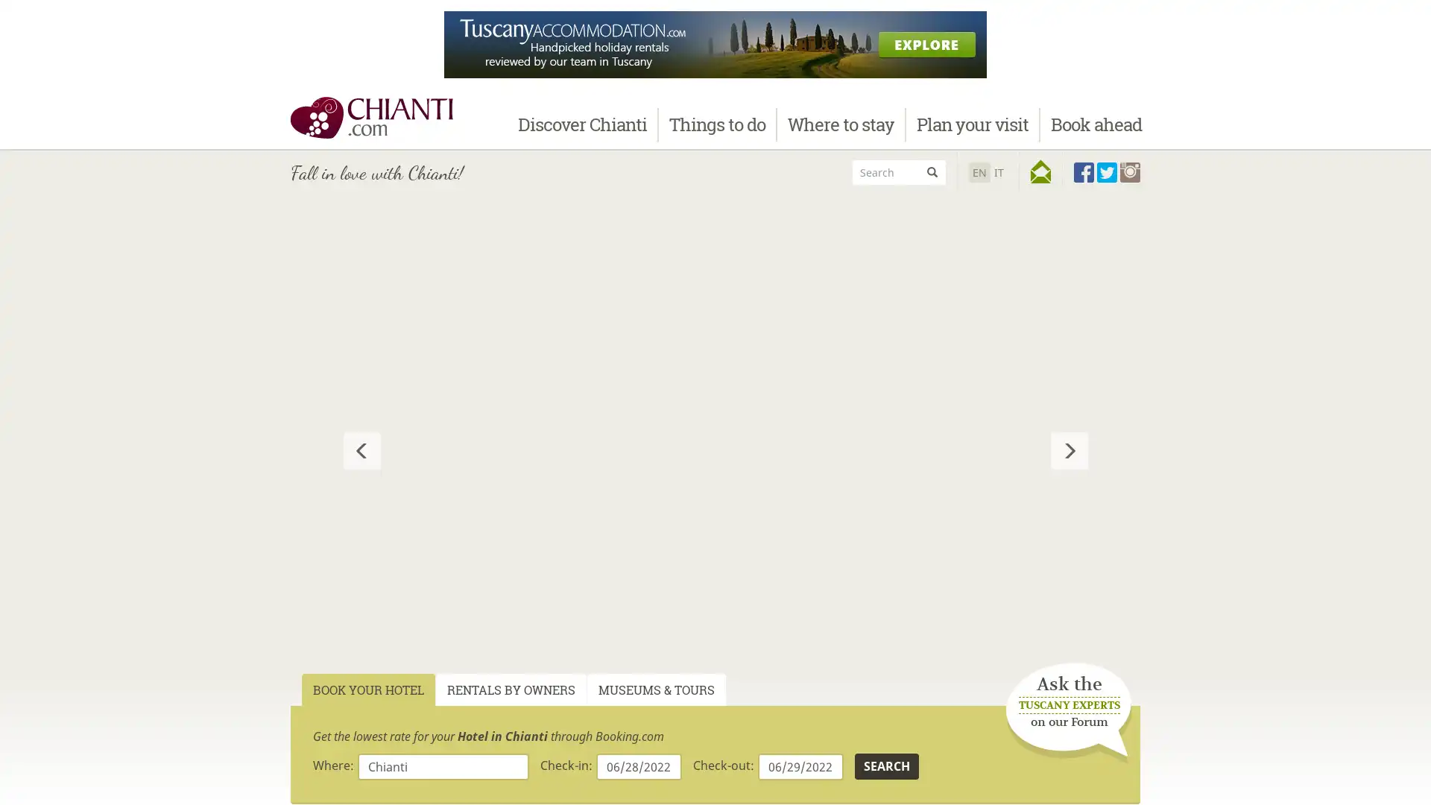 The height and width of the screenshot is (805, 1431). What do you see at coordinates (717, 124) in the screenshot?
I see `Things to do` at bounding box center [717, 124].